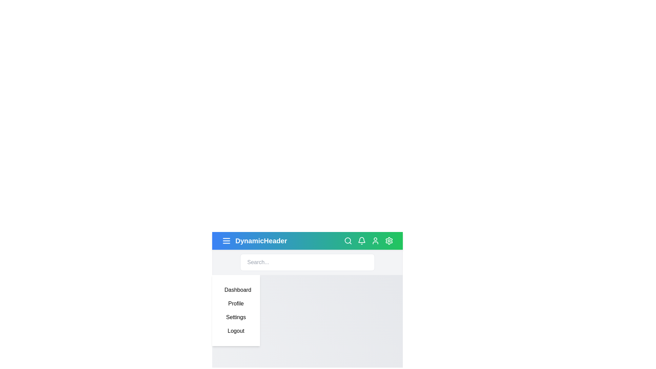 This screenshot has width=656, height=369. Describe the element at coordinates (389, 241) in the screenshot. I see `the settings icon in the header bar` at that location.